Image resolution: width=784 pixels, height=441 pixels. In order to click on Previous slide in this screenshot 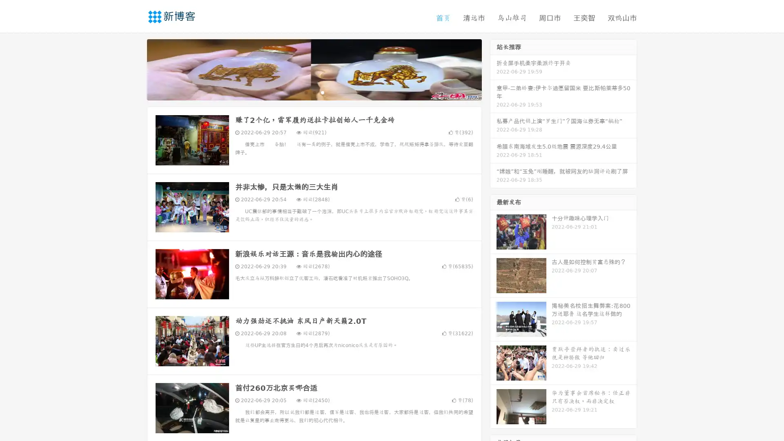, I will do `click(135, 69)`.